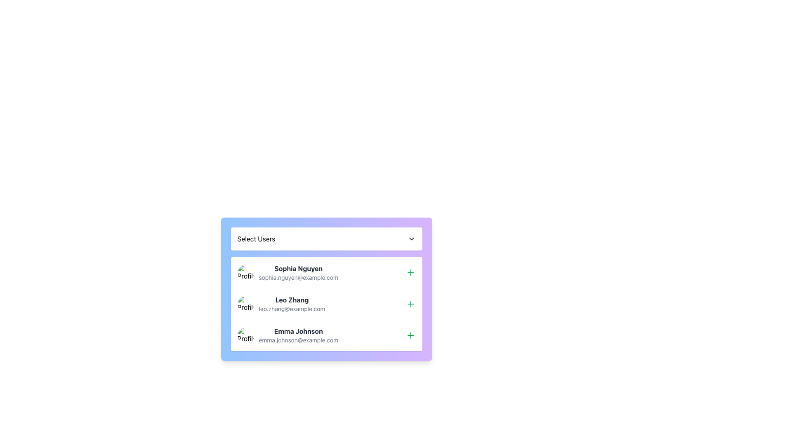  What do you see at coordinates (410, 273) in the screenshot?
I see `the 'Add' button located in the top-right corner of the card for user 'Sophia Nguyen'` at bounding box center [410, 273].